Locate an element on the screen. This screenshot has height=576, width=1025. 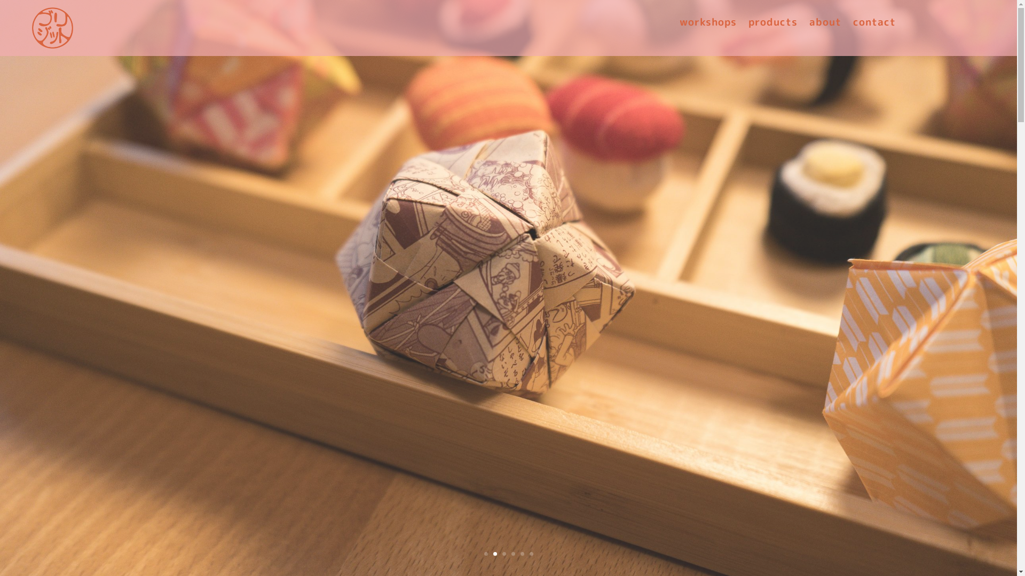
'contact' is located at coordinates (874, 24).